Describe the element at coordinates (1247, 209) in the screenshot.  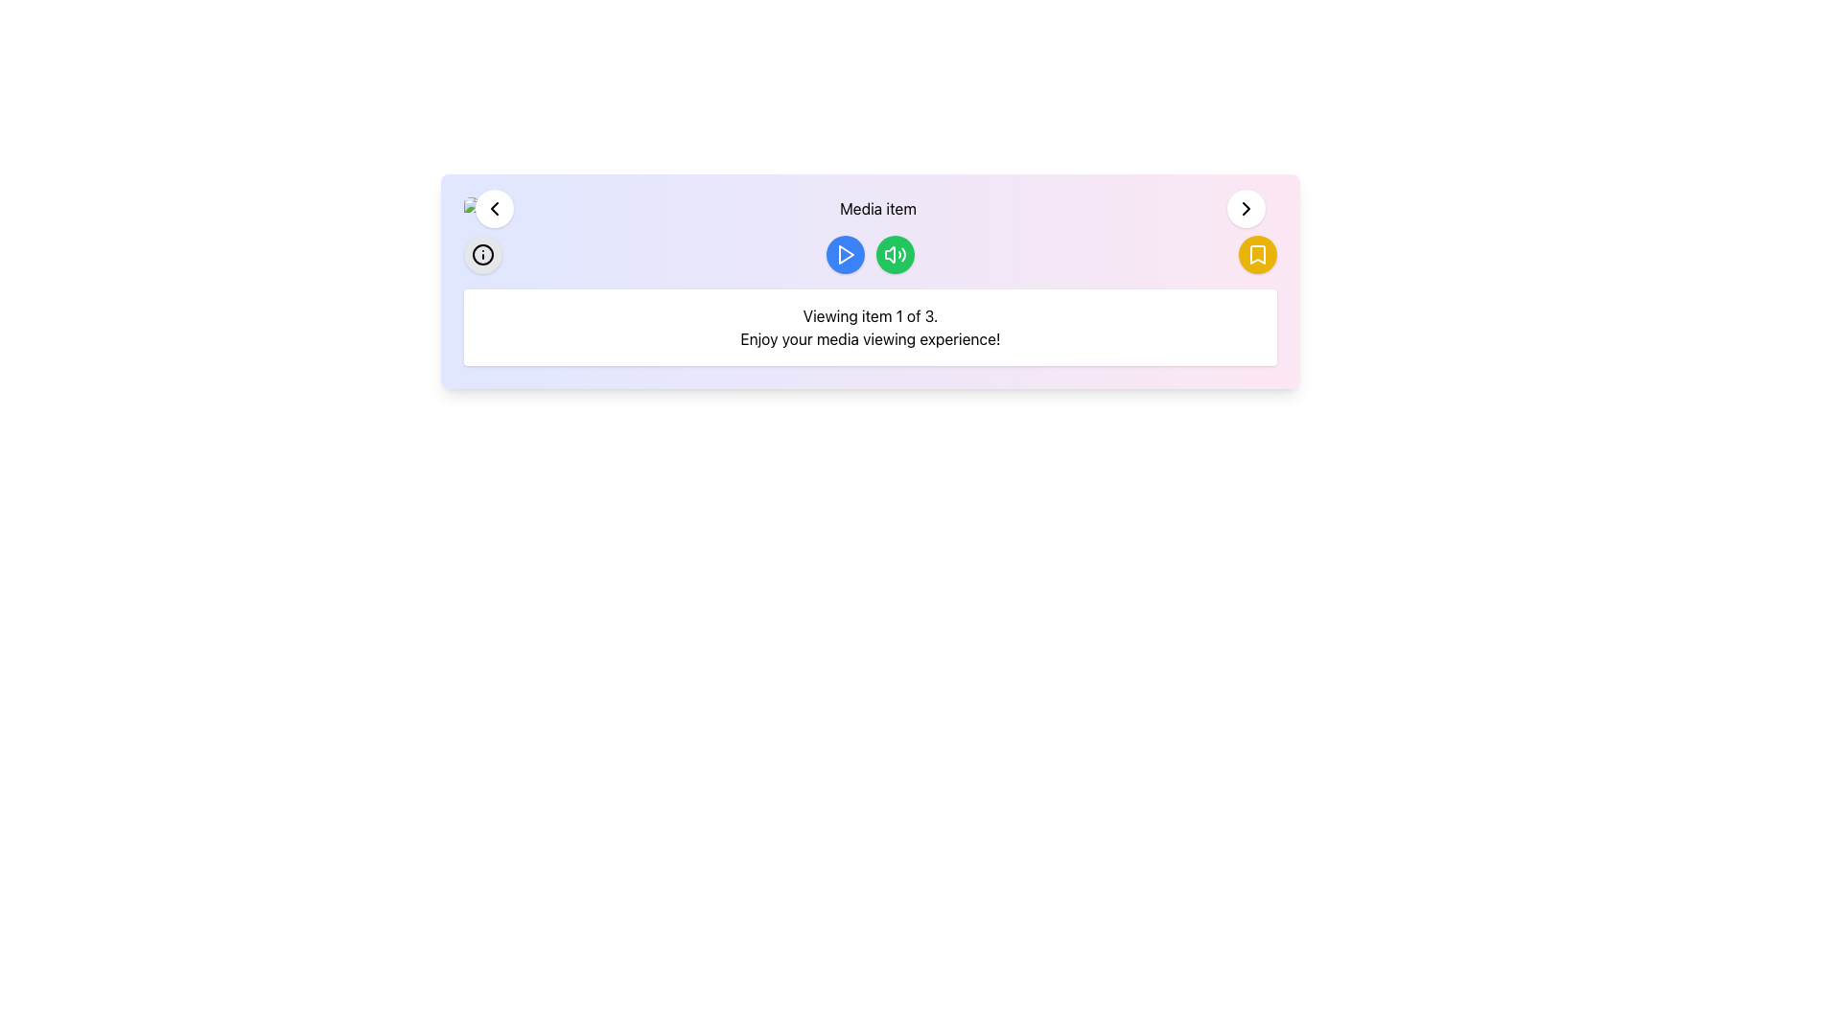
I see `the circular button with a white background and black rightward arrow icon located in the top-right corner of the section` at that location.